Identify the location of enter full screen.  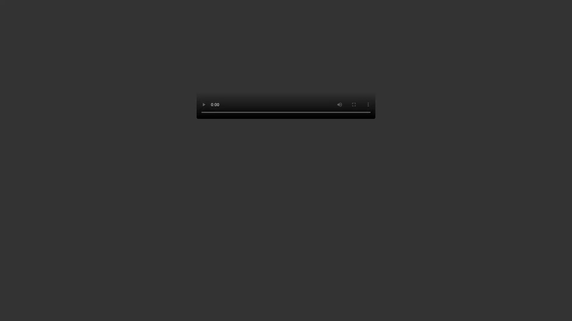
(354, 104).